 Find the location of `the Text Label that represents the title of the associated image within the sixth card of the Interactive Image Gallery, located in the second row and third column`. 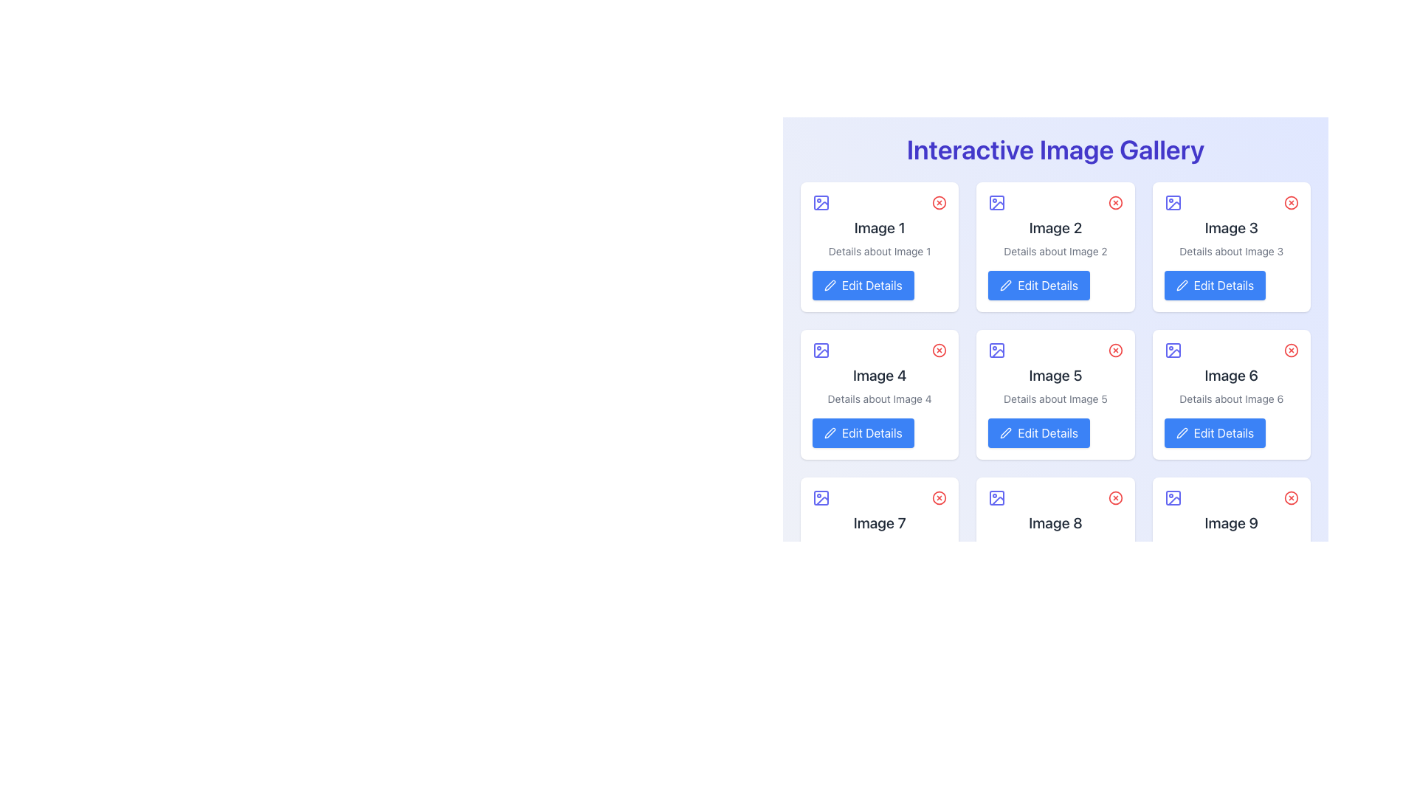

the Text Label that represents the title of the associated image within the sixth card of the Interactive Image Gallery, located in the second row and third column is located at coordinates (1231, 375).